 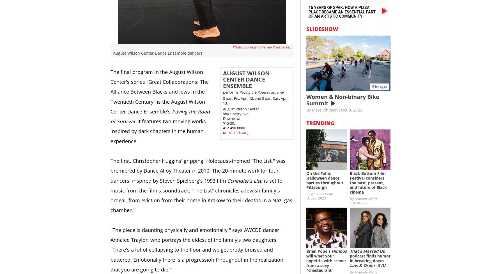 I want to click on 'Oct 9, 2023', so click(x=341, y=110).